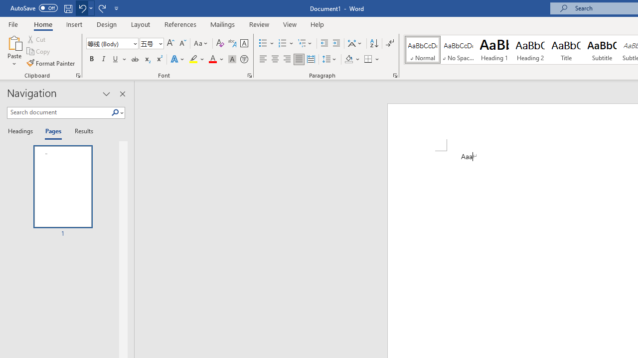 Image resolution: width=638 pixels, height=358 pixels. What do you see at coordinates (115, 112) in the screenshot?
I see `'Class: NetUIImage'` at bounding box center [115, 112].